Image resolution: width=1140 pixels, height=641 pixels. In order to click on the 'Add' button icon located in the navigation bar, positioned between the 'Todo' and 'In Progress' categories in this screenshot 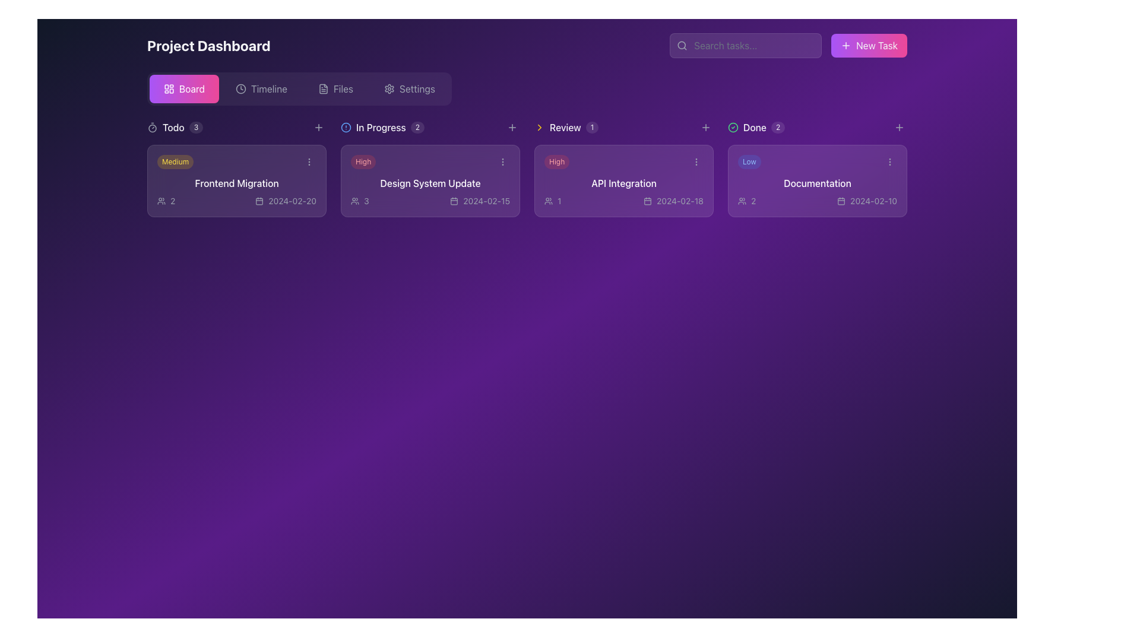, I will do `click(319, 128)`.